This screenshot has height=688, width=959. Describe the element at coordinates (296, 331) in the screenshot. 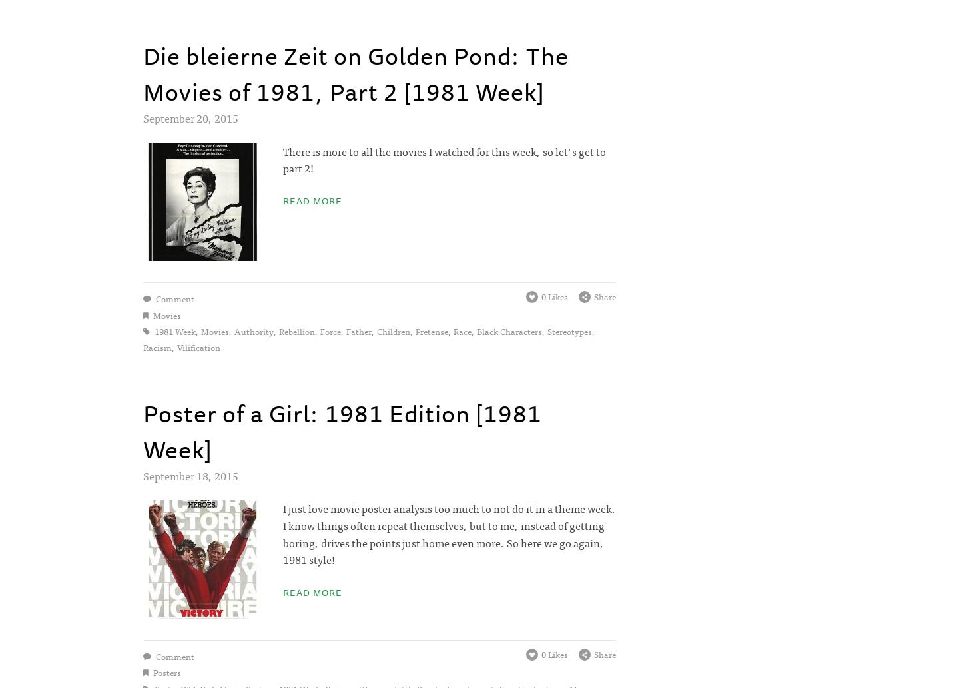

I see `'rebellion'` at that location.